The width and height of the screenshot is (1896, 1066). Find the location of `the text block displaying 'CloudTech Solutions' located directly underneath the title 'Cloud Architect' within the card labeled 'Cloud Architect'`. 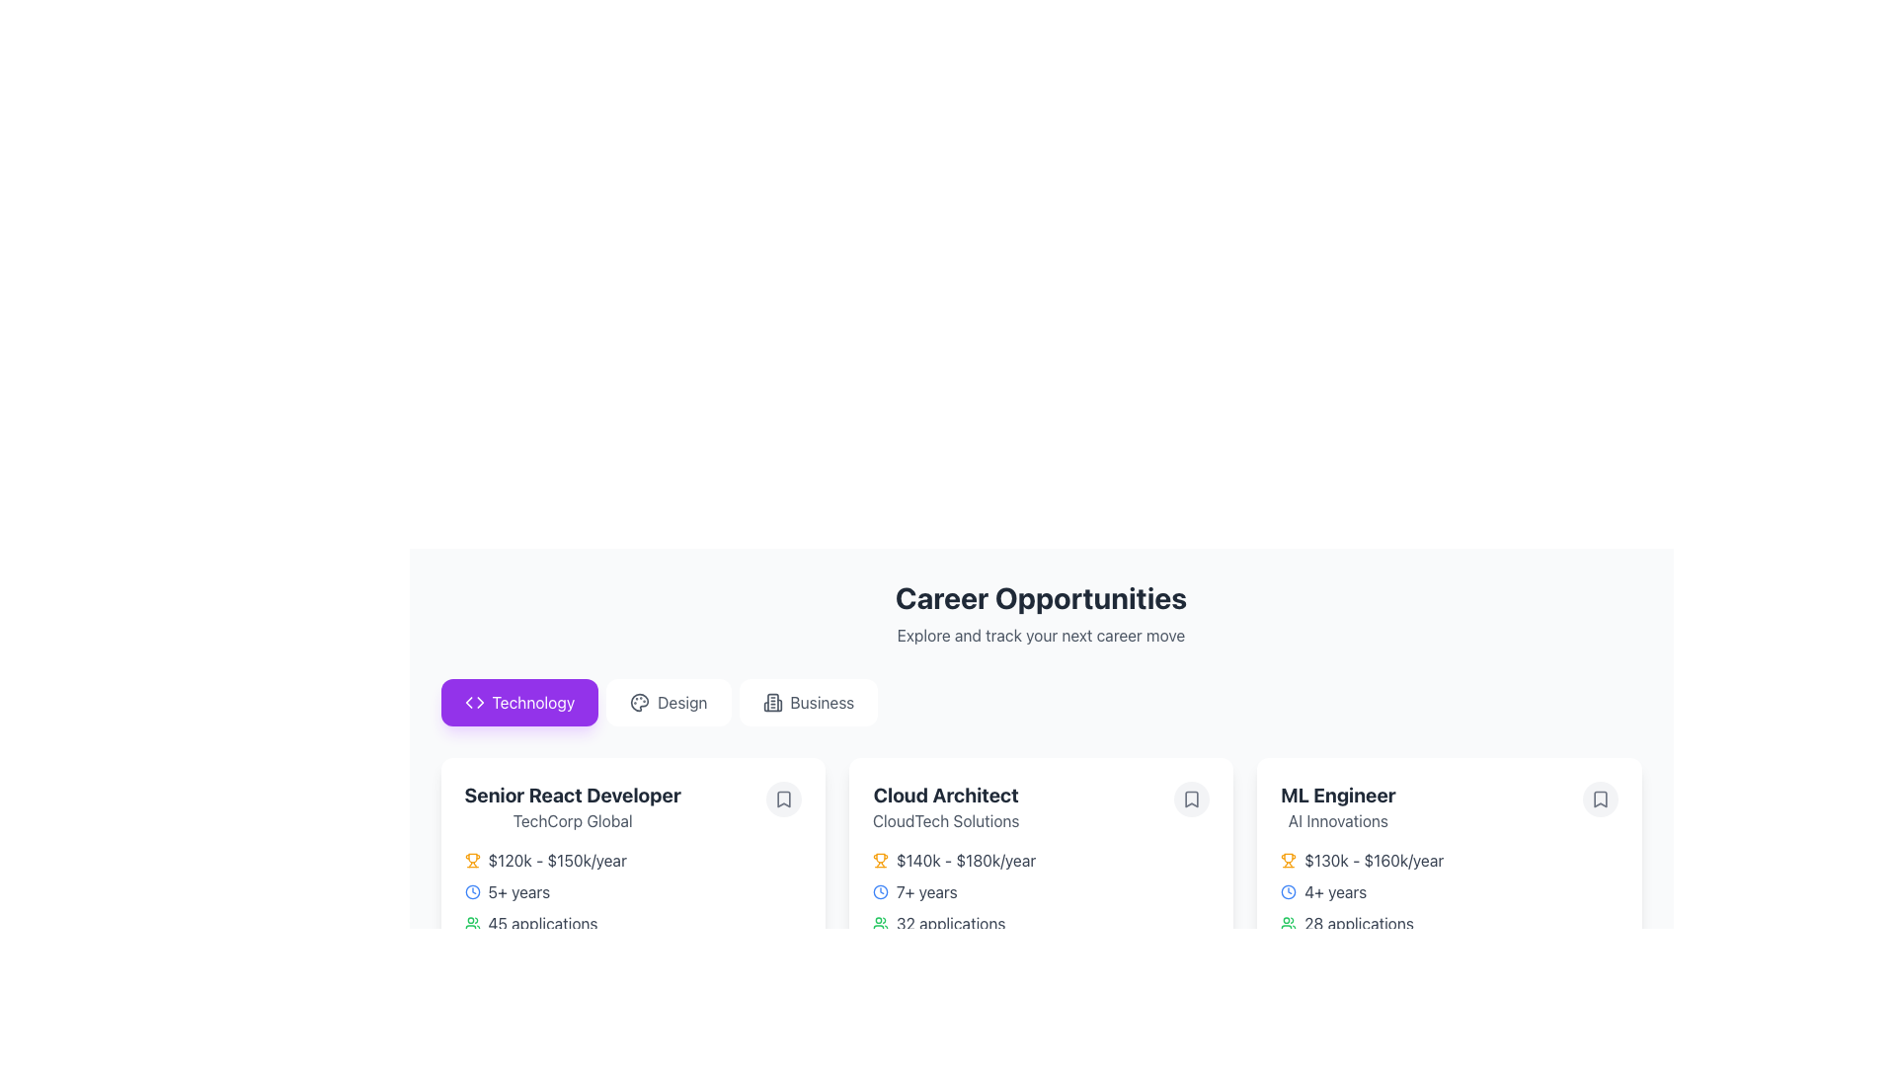

the text block displaying 'CloudTech Solutions' located directly underneath the title 'Cloud Architect' within the card labeled 'Cloud Architect' is located at coordinates (945, 821).